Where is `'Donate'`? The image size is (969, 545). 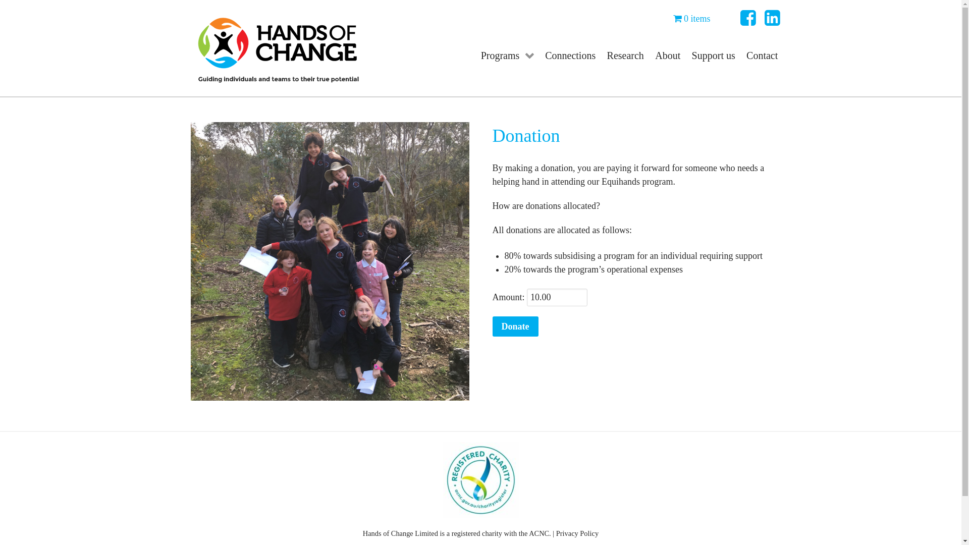 'Donate' is located at coordinates (515, 326).